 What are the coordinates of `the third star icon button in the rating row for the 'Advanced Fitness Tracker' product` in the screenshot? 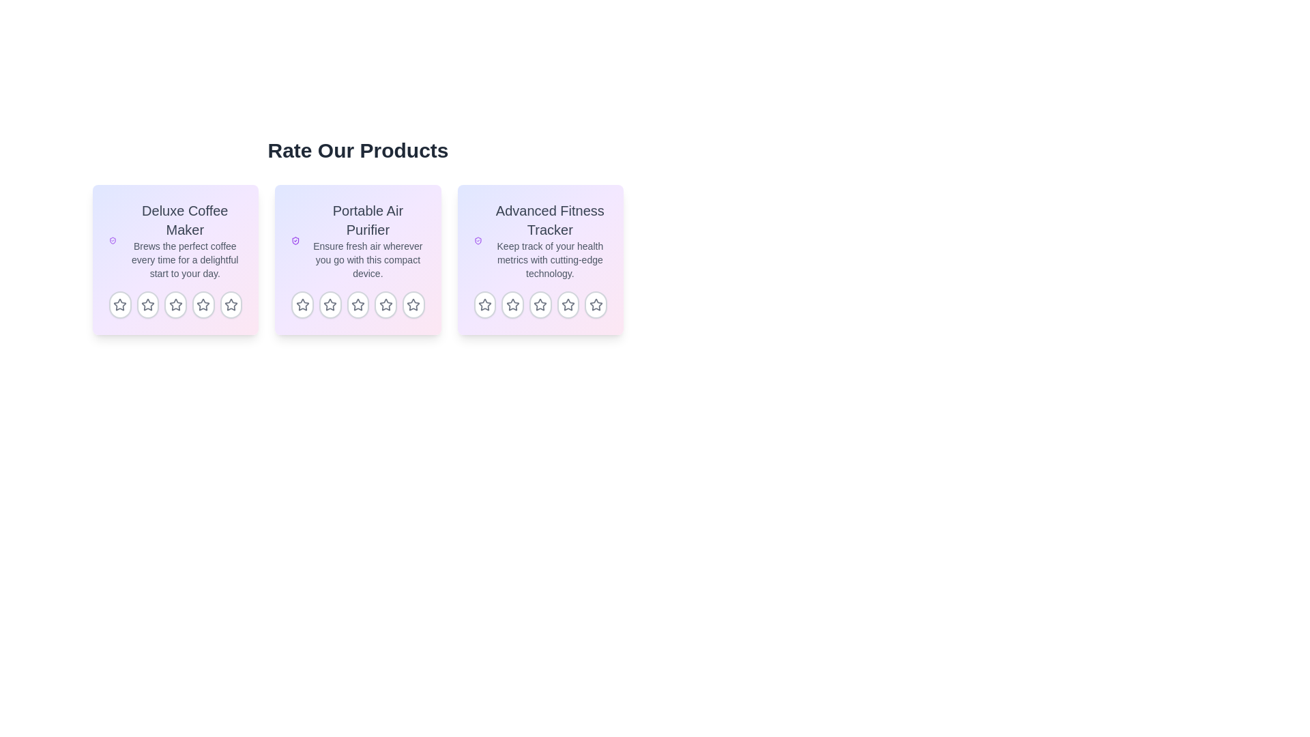 It's located at (512, 304).